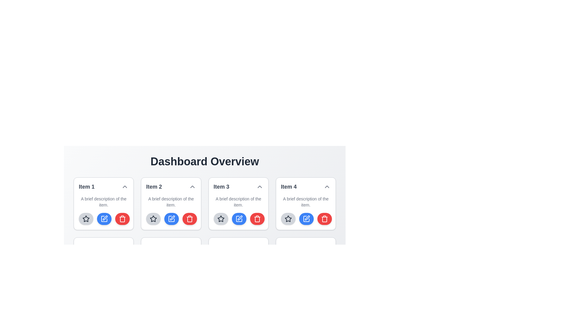  What do you see at coordinates (327, 187) in the screenshot?
I see `the upward-pointing chevron icon in the top-right corner of the 'Item 4' card` at bounding box center [327, 187].